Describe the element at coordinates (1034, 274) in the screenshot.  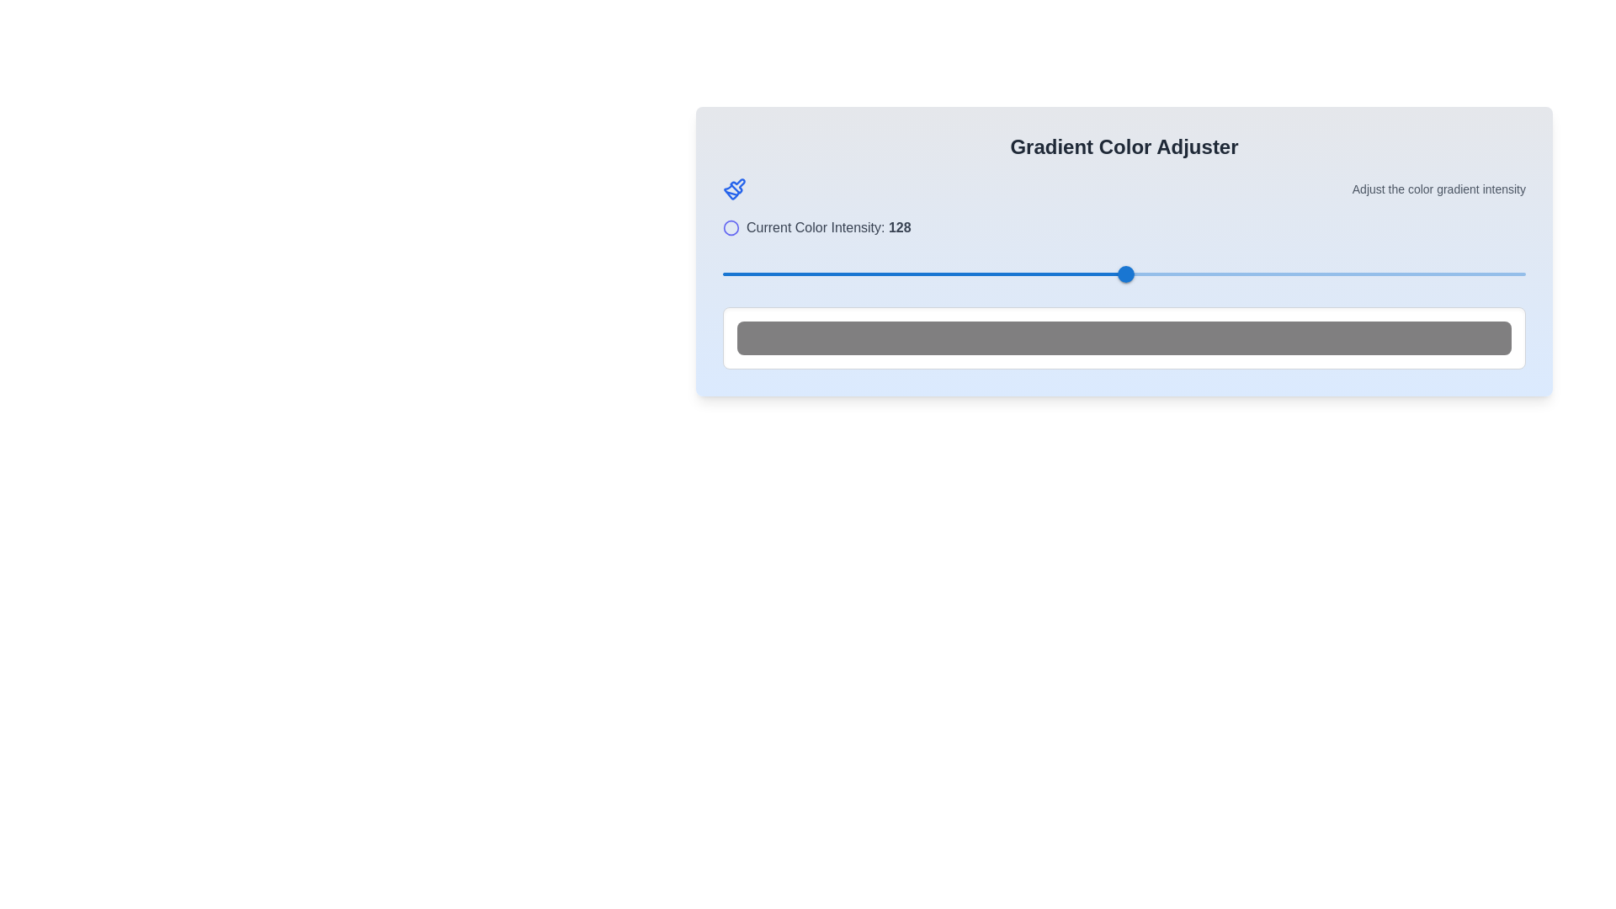
I see `the gradient color intensity` at that location.